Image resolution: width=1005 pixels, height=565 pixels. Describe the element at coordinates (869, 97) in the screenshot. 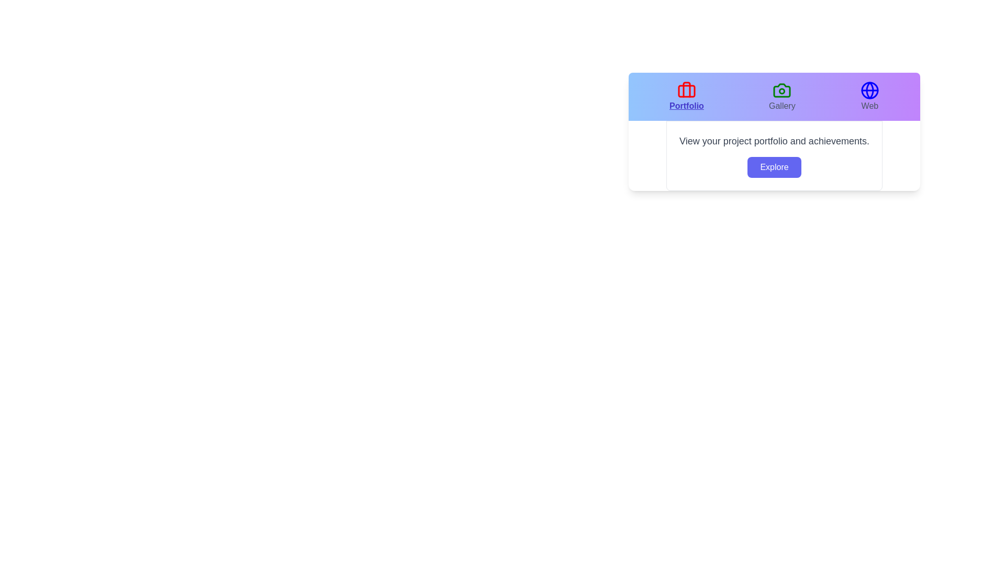

I see `the Web tab to select it` at that location.